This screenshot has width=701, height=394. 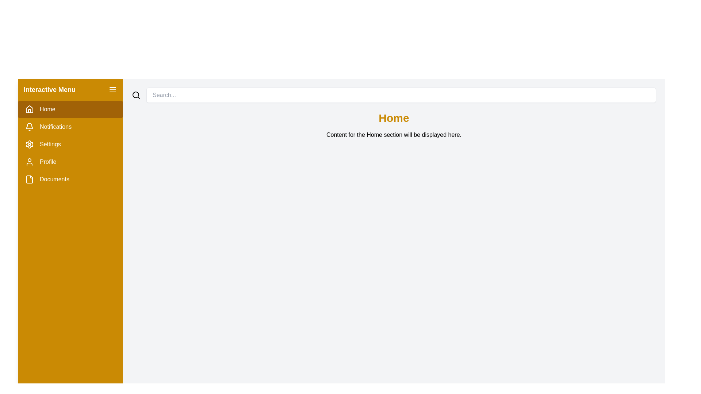 I want to click on the vertical rectangular icon resembling a house door in the sidebar menu associated with the 'Home' tab, so click(x=29, y=111).